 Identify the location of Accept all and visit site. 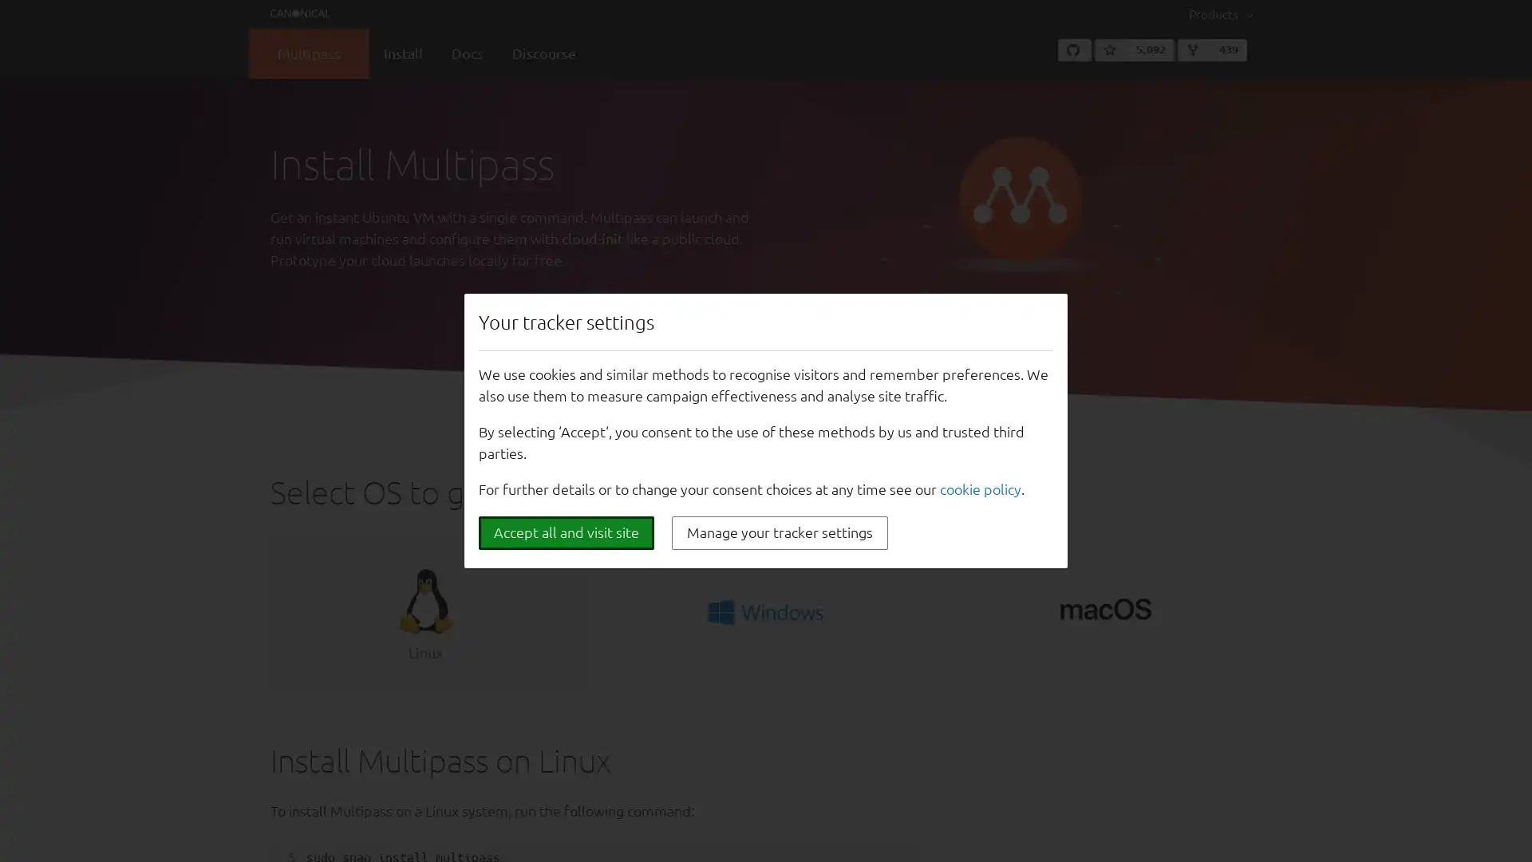
(567, 532).